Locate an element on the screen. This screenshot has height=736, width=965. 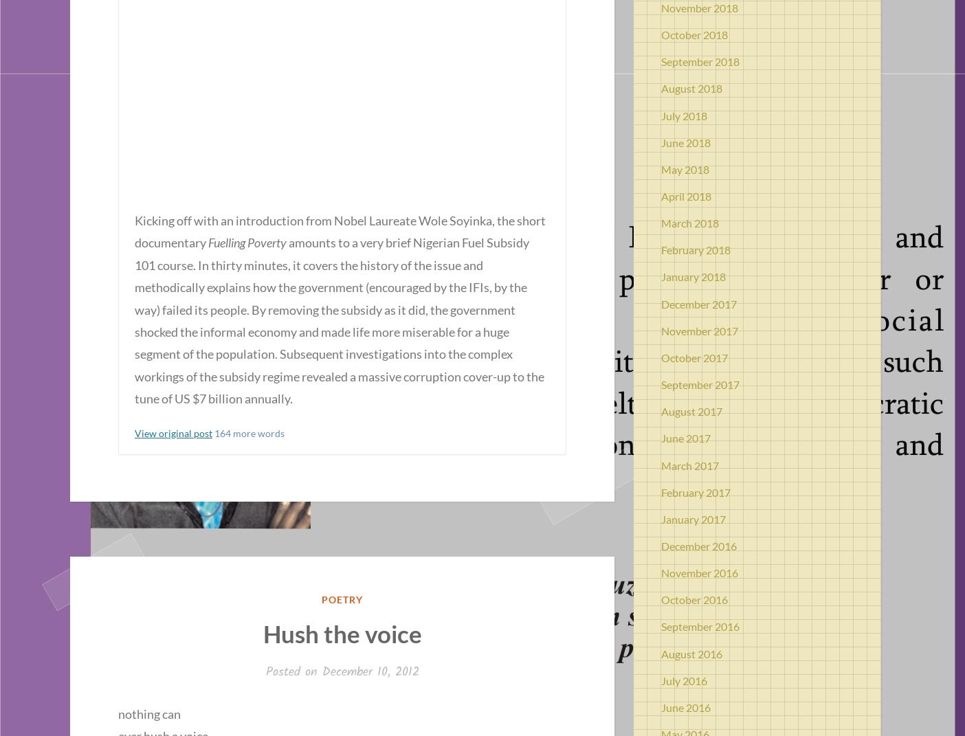
'Posted on' is located at coordinates (292, 671).